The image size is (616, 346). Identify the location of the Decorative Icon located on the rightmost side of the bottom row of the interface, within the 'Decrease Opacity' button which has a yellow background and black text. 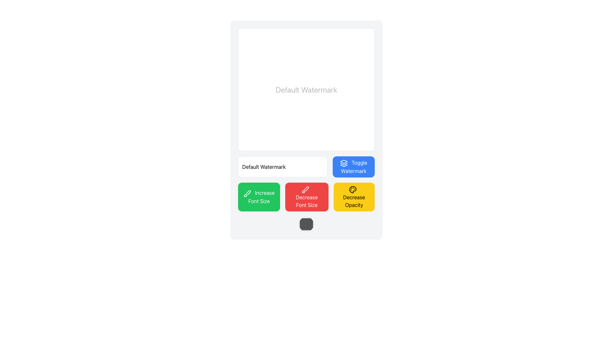
(352, 189).